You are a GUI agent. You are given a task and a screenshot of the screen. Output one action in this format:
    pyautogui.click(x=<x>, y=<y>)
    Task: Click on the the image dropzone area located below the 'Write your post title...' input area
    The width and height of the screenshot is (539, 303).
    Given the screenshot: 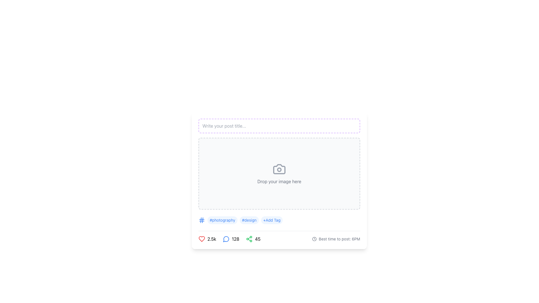 What is the action you would take?
    pyautogui.click(x=279, y=173)
    